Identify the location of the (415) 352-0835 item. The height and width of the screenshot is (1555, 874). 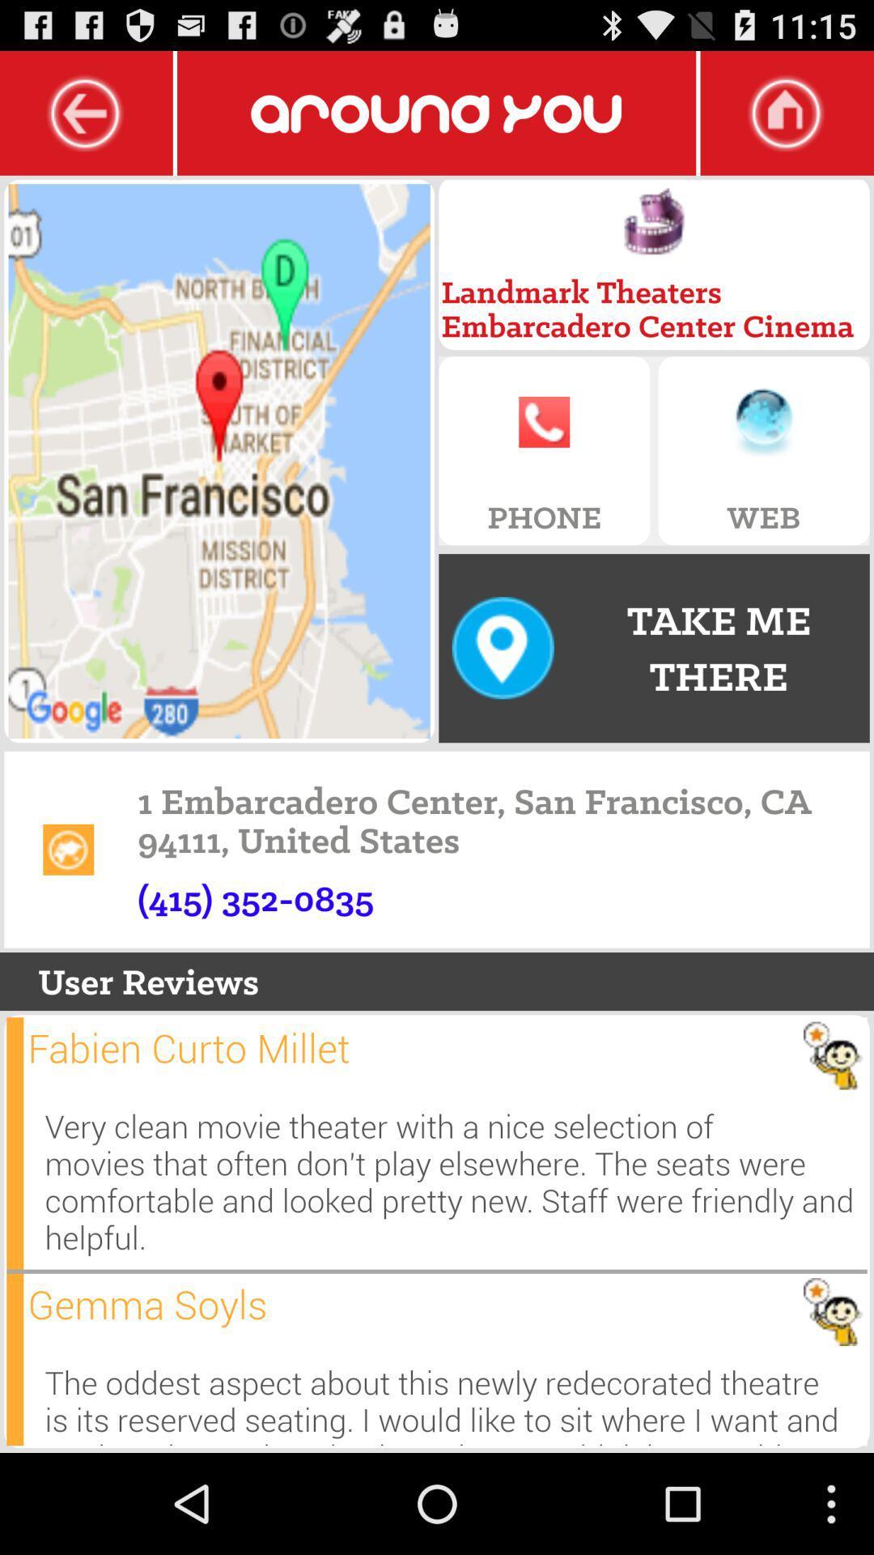
(255, 897).